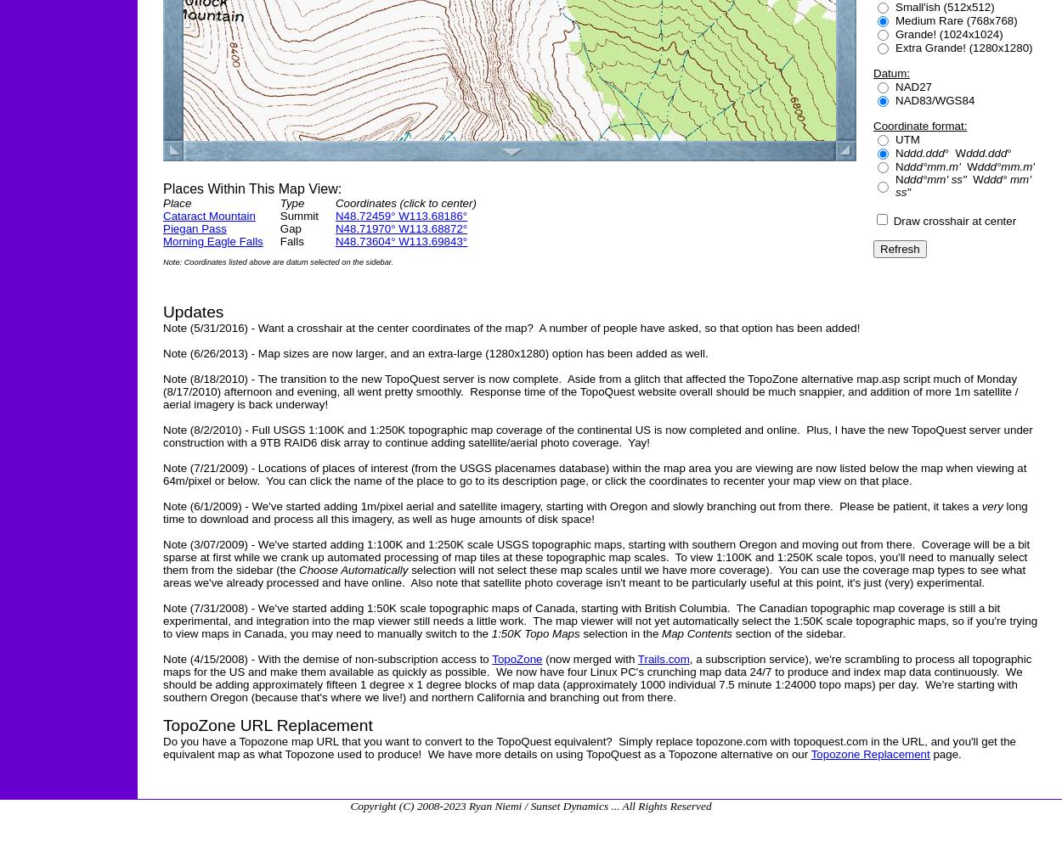 Image resolution: width=1062 pixels, height=849 pixels. I want to click on '(now merged
with', so click(589, 659).